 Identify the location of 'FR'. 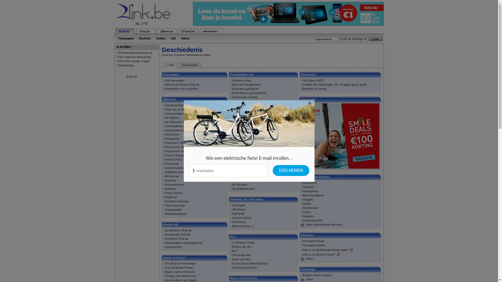
(143, 24).